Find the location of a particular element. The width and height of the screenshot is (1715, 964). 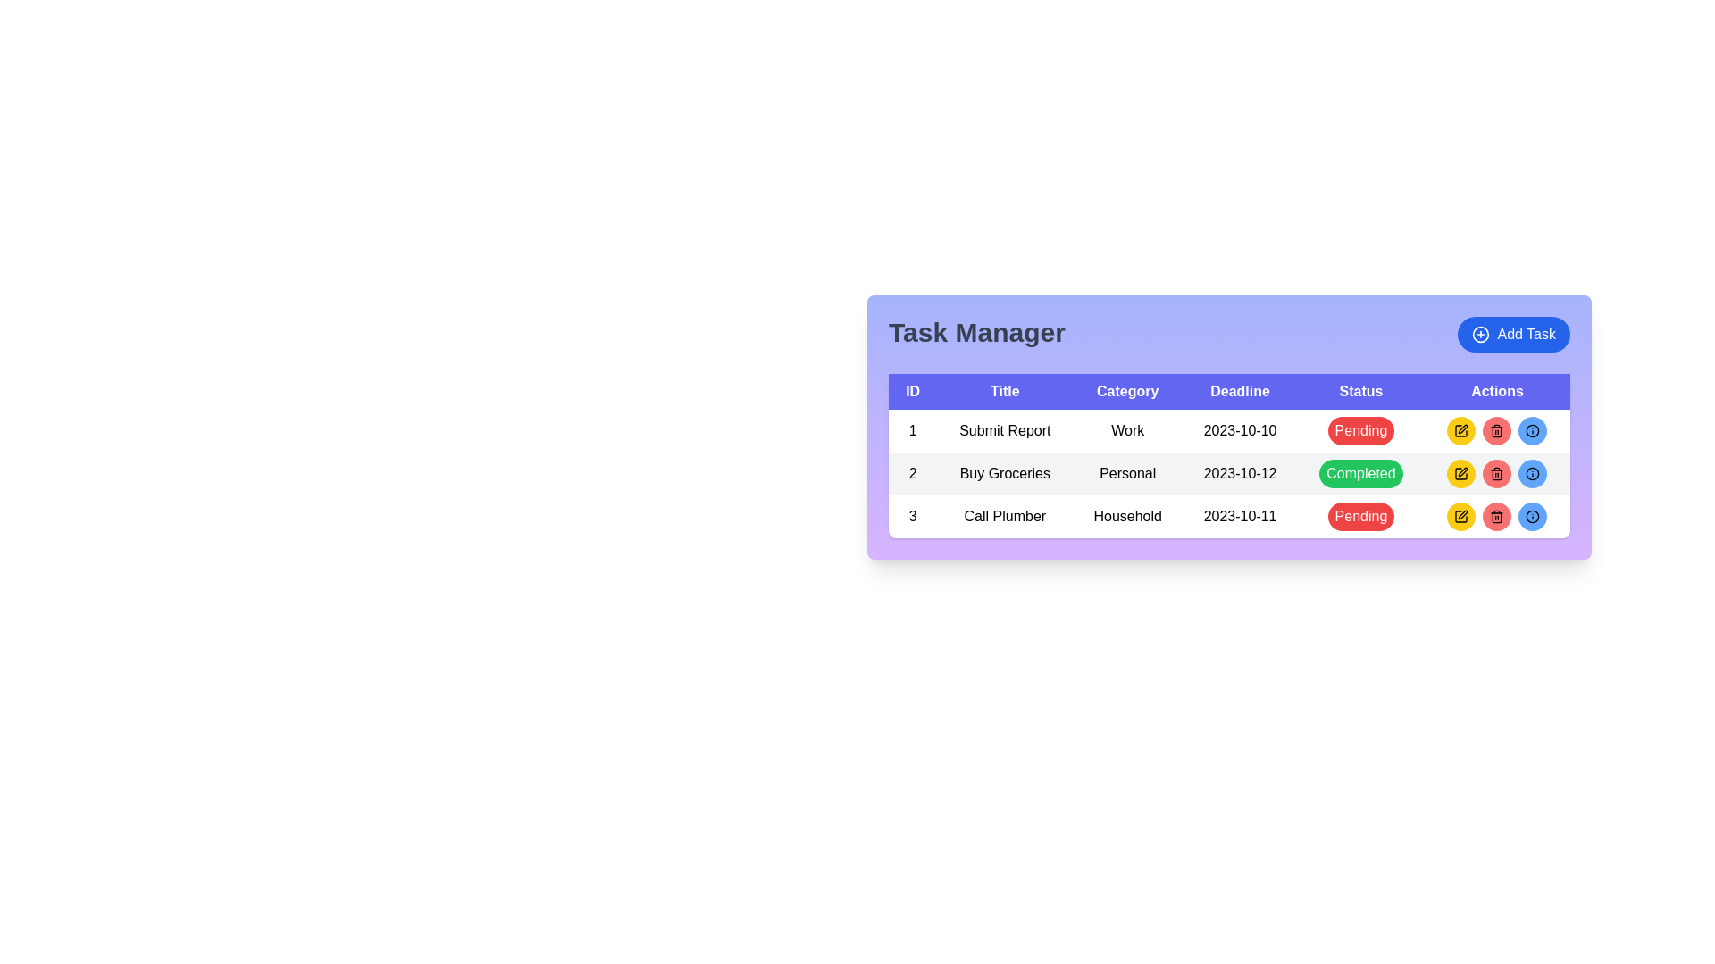

the circular button with a red background and a trash can icon located in the 'Actions' column of the last row in the task table is located at coordinates (1497, 516).